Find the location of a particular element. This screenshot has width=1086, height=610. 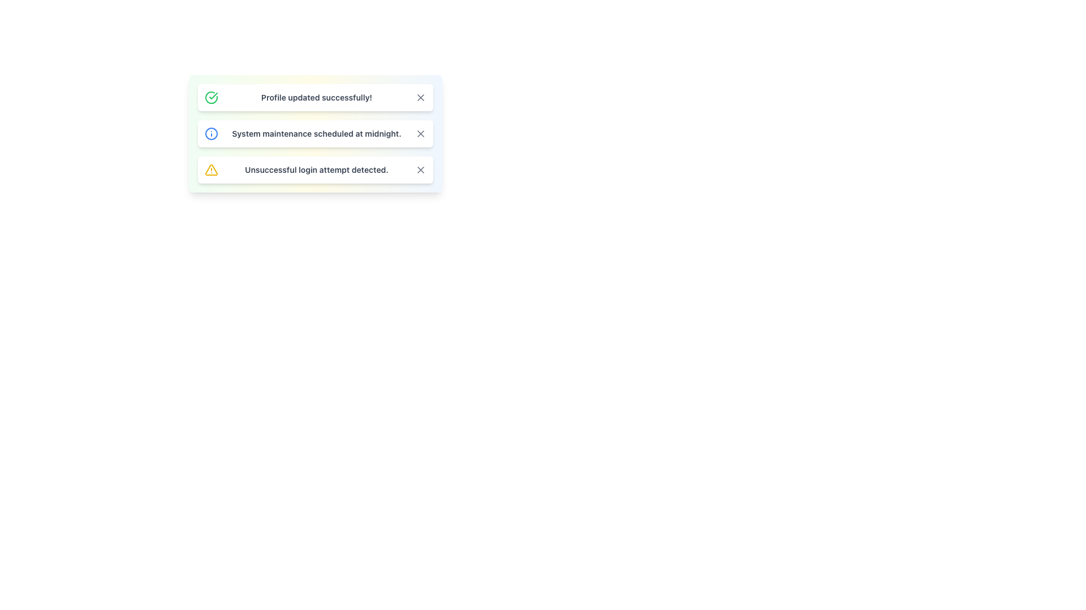

the profile update success icon located in the notification card at the top of the notifications list, which indicates that the user's profile has been updated successfully is located at coordinates (212, 97).